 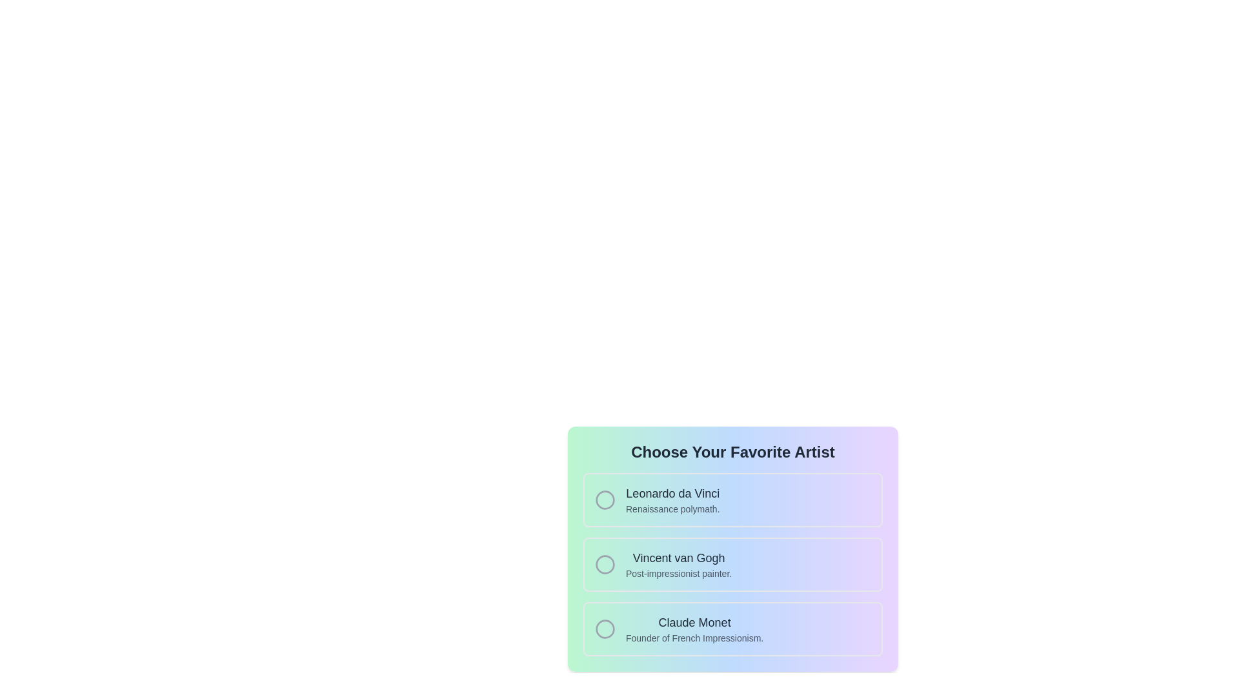 What do you see at coordinates (733, 564) in the screenshot?
I see `the second selectable list item with a circular radio button labeled 'Vincent van Gogh'` at bounding box center [733, 564].